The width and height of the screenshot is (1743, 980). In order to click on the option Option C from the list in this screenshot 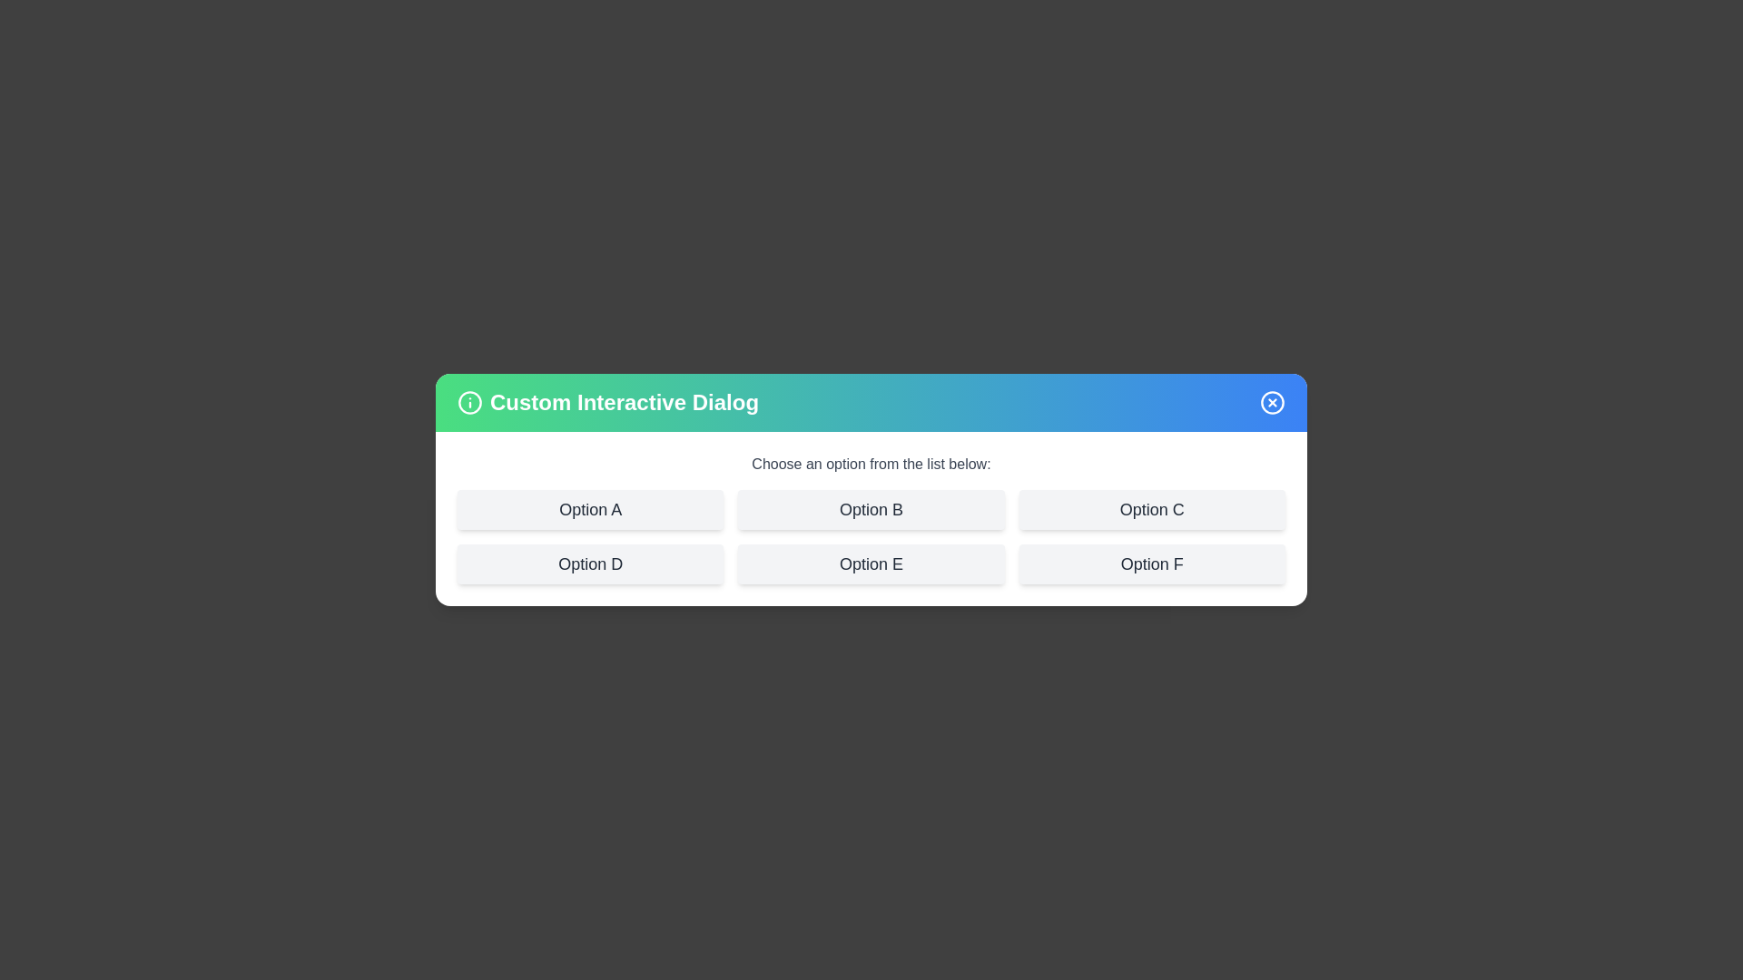, I will do `click(1150, 510)`.